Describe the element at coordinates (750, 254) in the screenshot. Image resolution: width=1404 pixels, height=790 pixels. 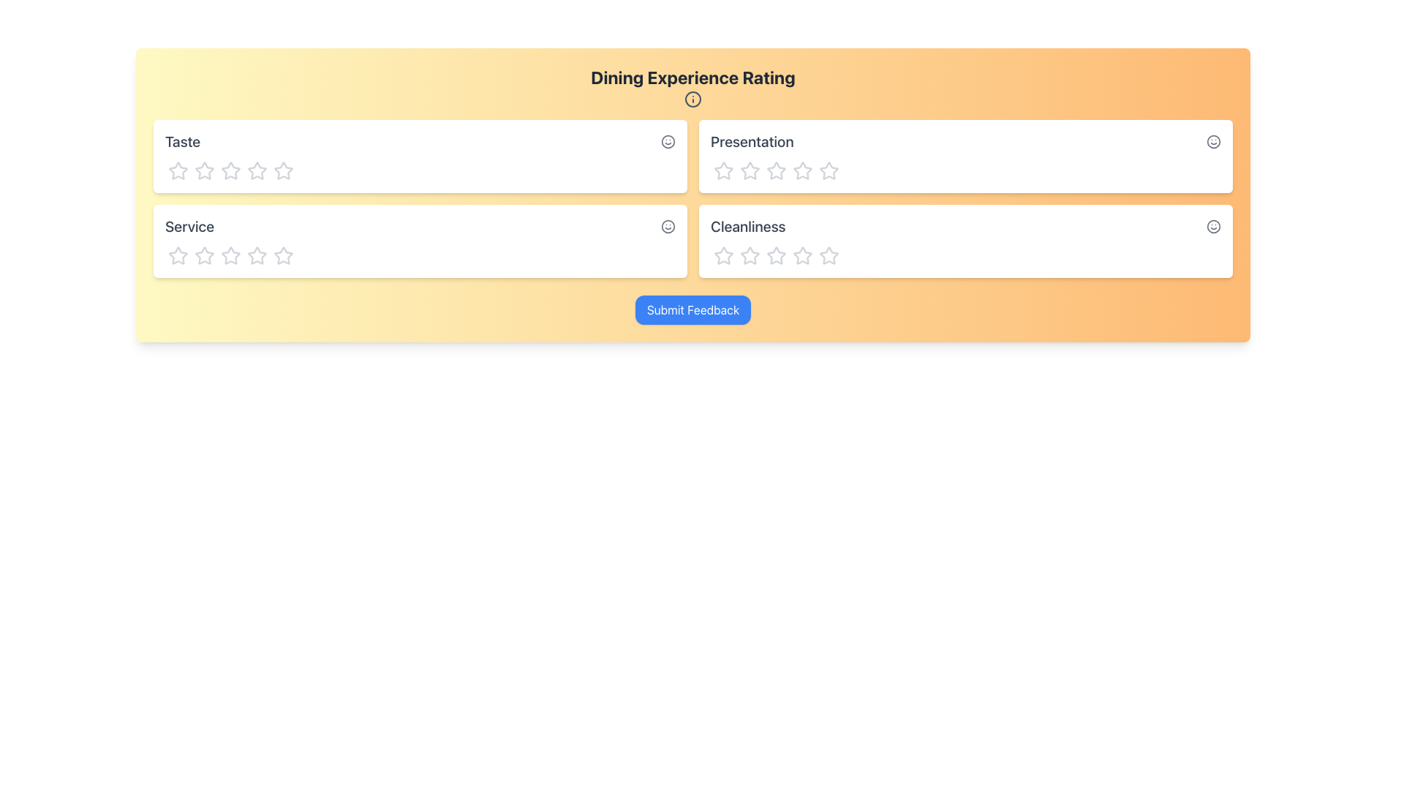
I see `the third star in the rating element for the 'Cleanliness' category` at that location.